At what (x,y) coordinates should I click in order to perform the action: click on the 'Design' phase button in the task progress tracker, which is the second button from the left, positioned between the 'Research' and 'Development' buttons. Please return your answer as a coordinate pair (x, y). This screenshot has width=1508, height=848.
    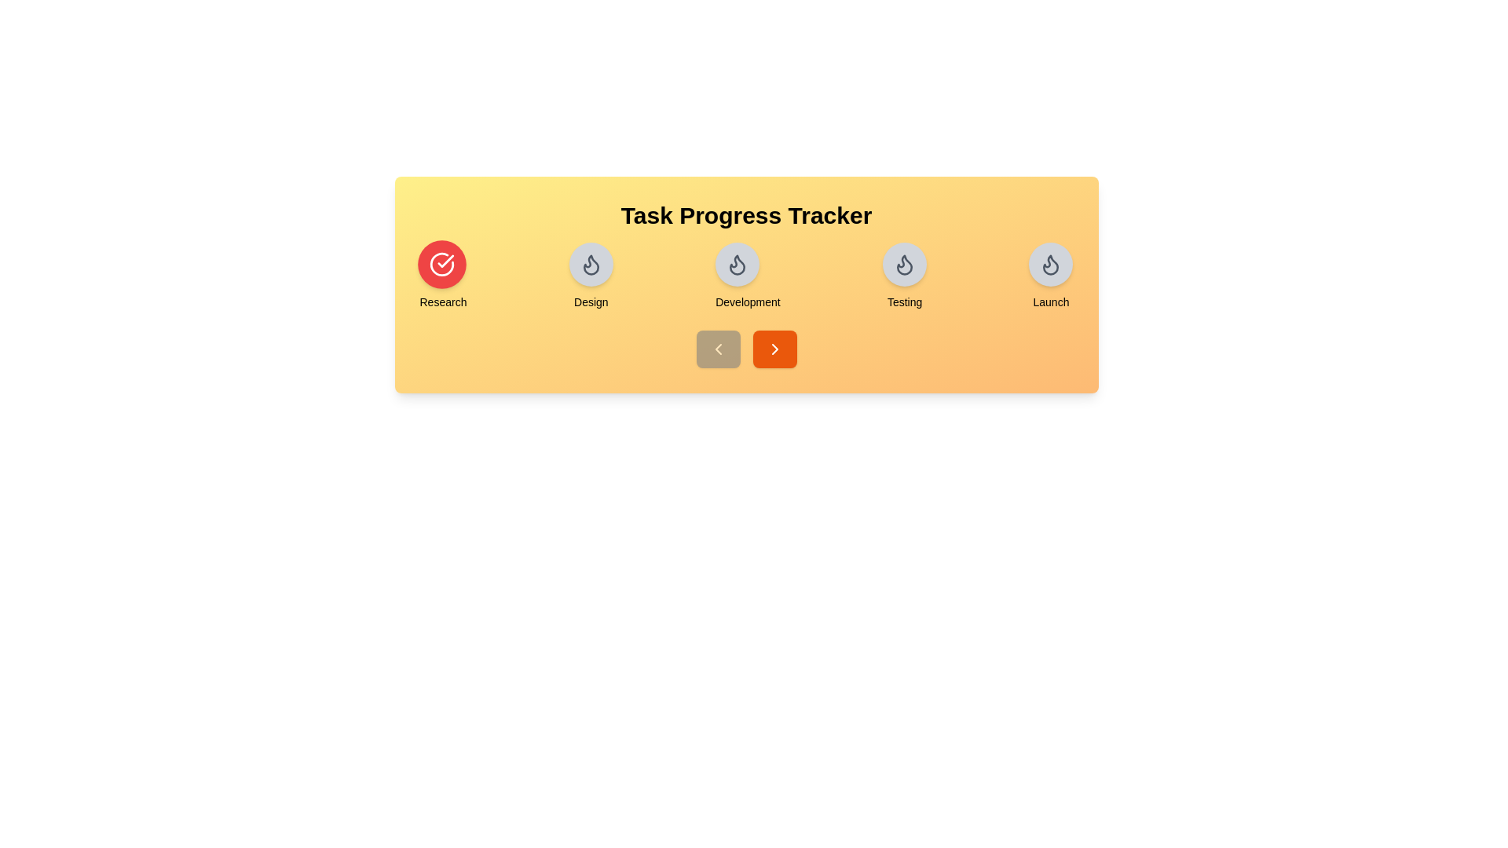
    Looking at the image, I should click on (590, 276).